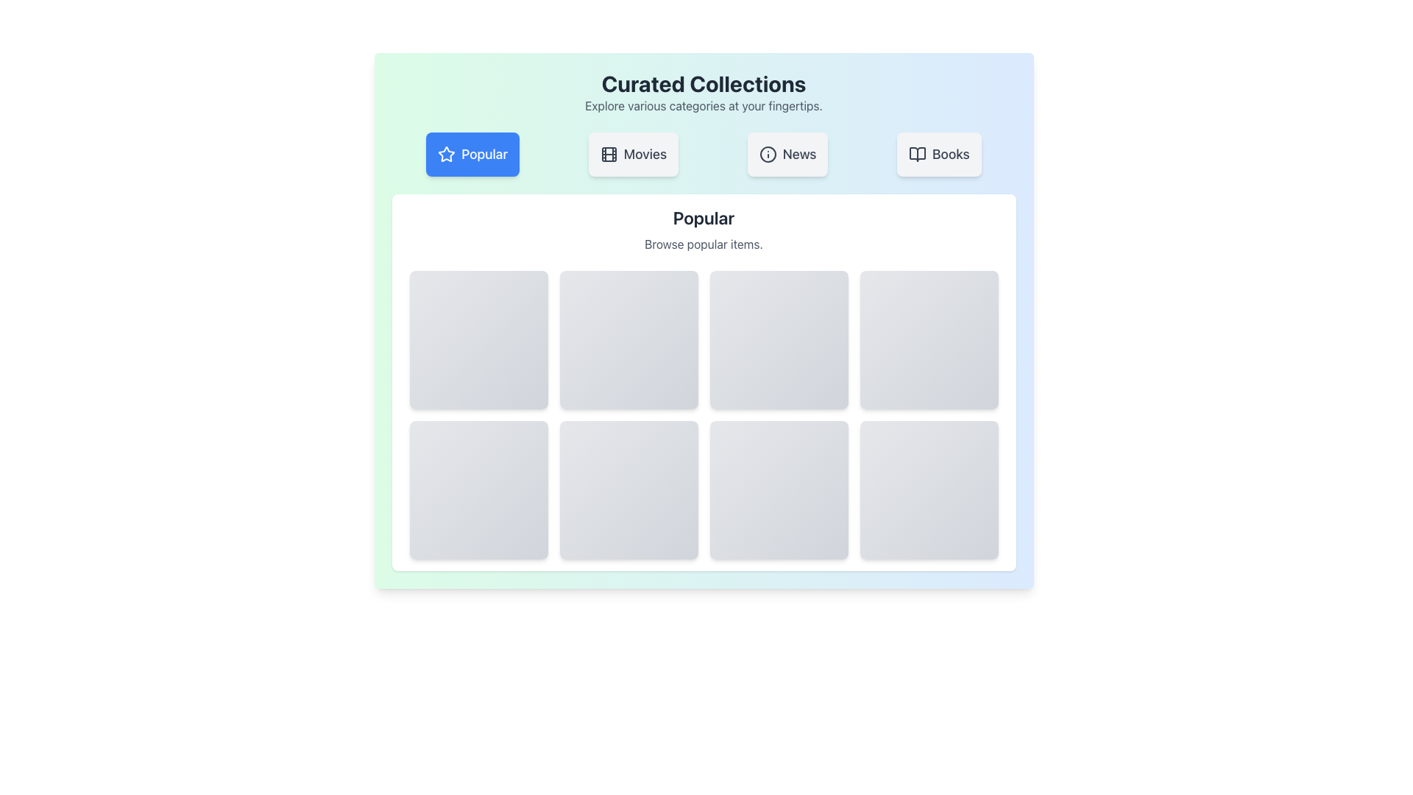 The width and height of the screenshot is (1413, 795). I want to click on the navigation button for books located at the top-right corner of the 'Curated Collections' section, so click(938, 154).